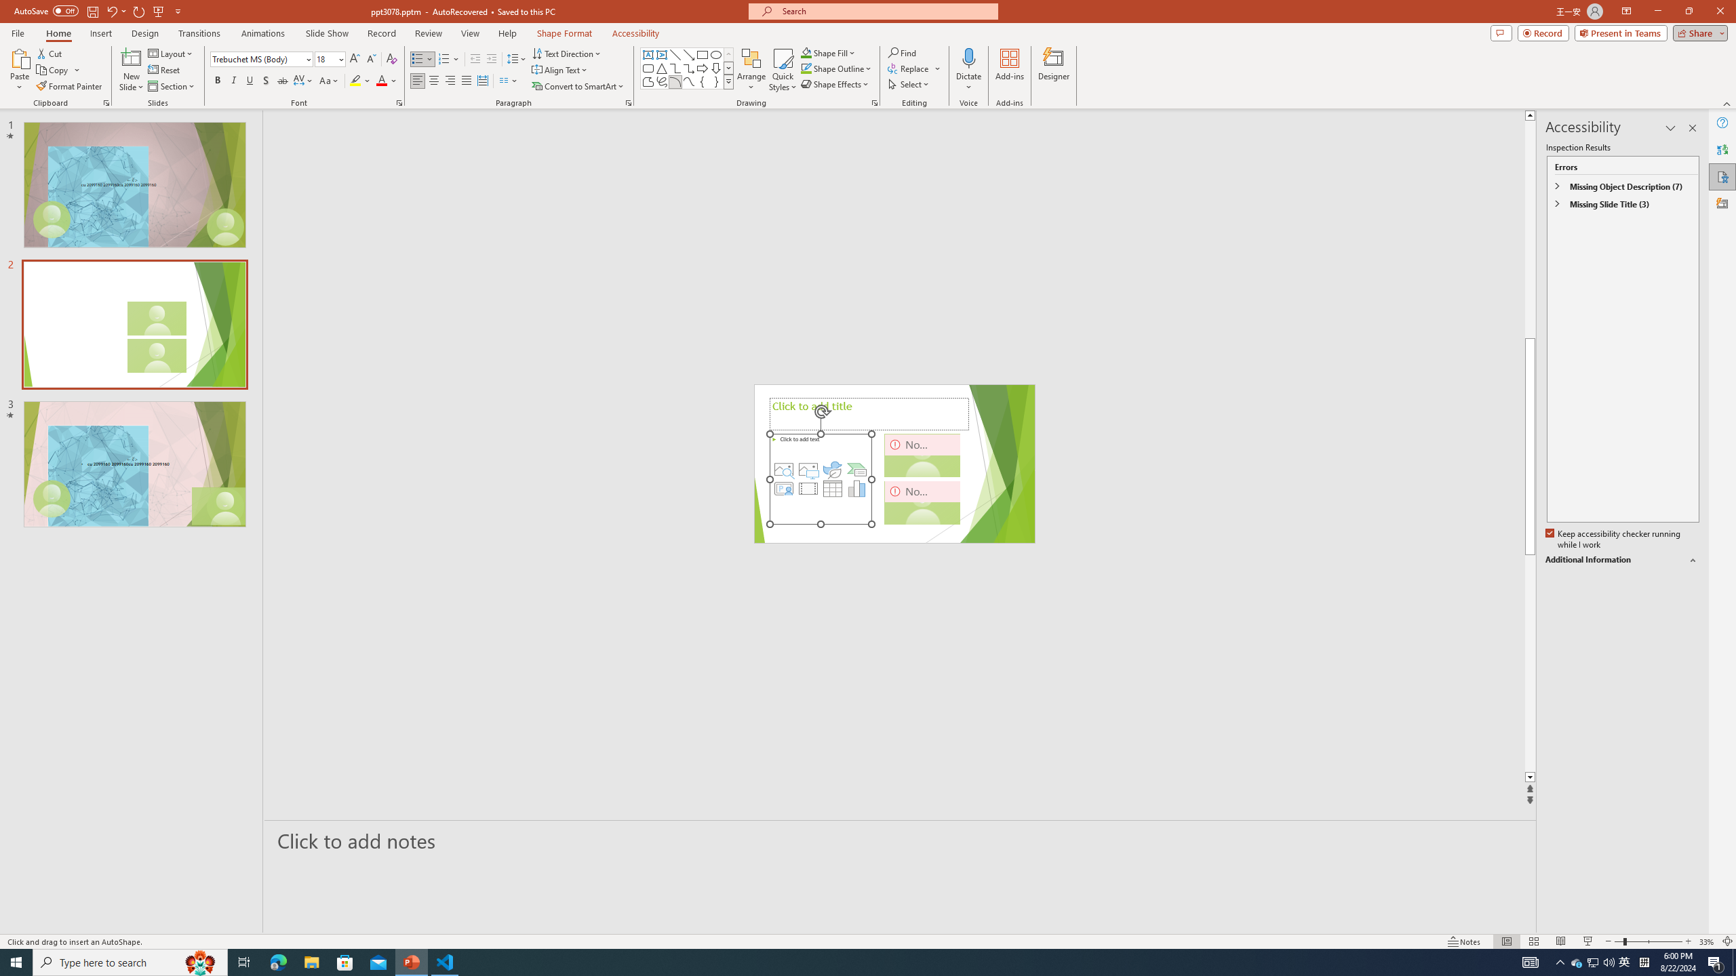 This screenshot has width=1736, height=976. Describe the element at coordinates (1706, 941) in the screenshot. I see `'Zoom 33%'` at that location.